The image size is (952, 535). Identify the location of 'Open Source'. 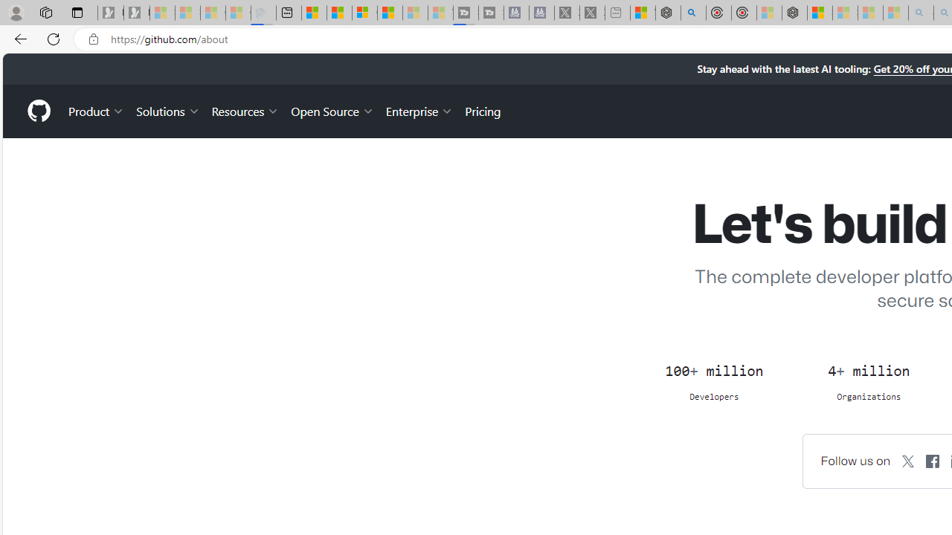
(331, 110).